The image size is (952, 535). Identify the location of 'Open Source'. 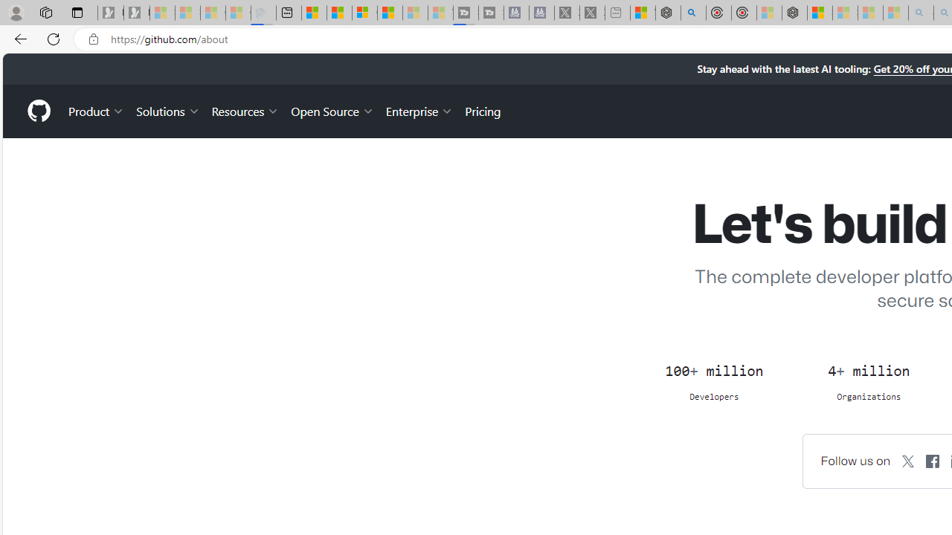
(331, 110).